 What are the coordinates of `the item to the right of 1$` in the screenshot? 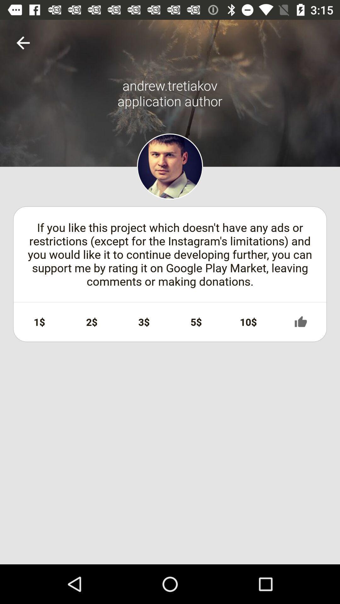 It's located at (92, 322).